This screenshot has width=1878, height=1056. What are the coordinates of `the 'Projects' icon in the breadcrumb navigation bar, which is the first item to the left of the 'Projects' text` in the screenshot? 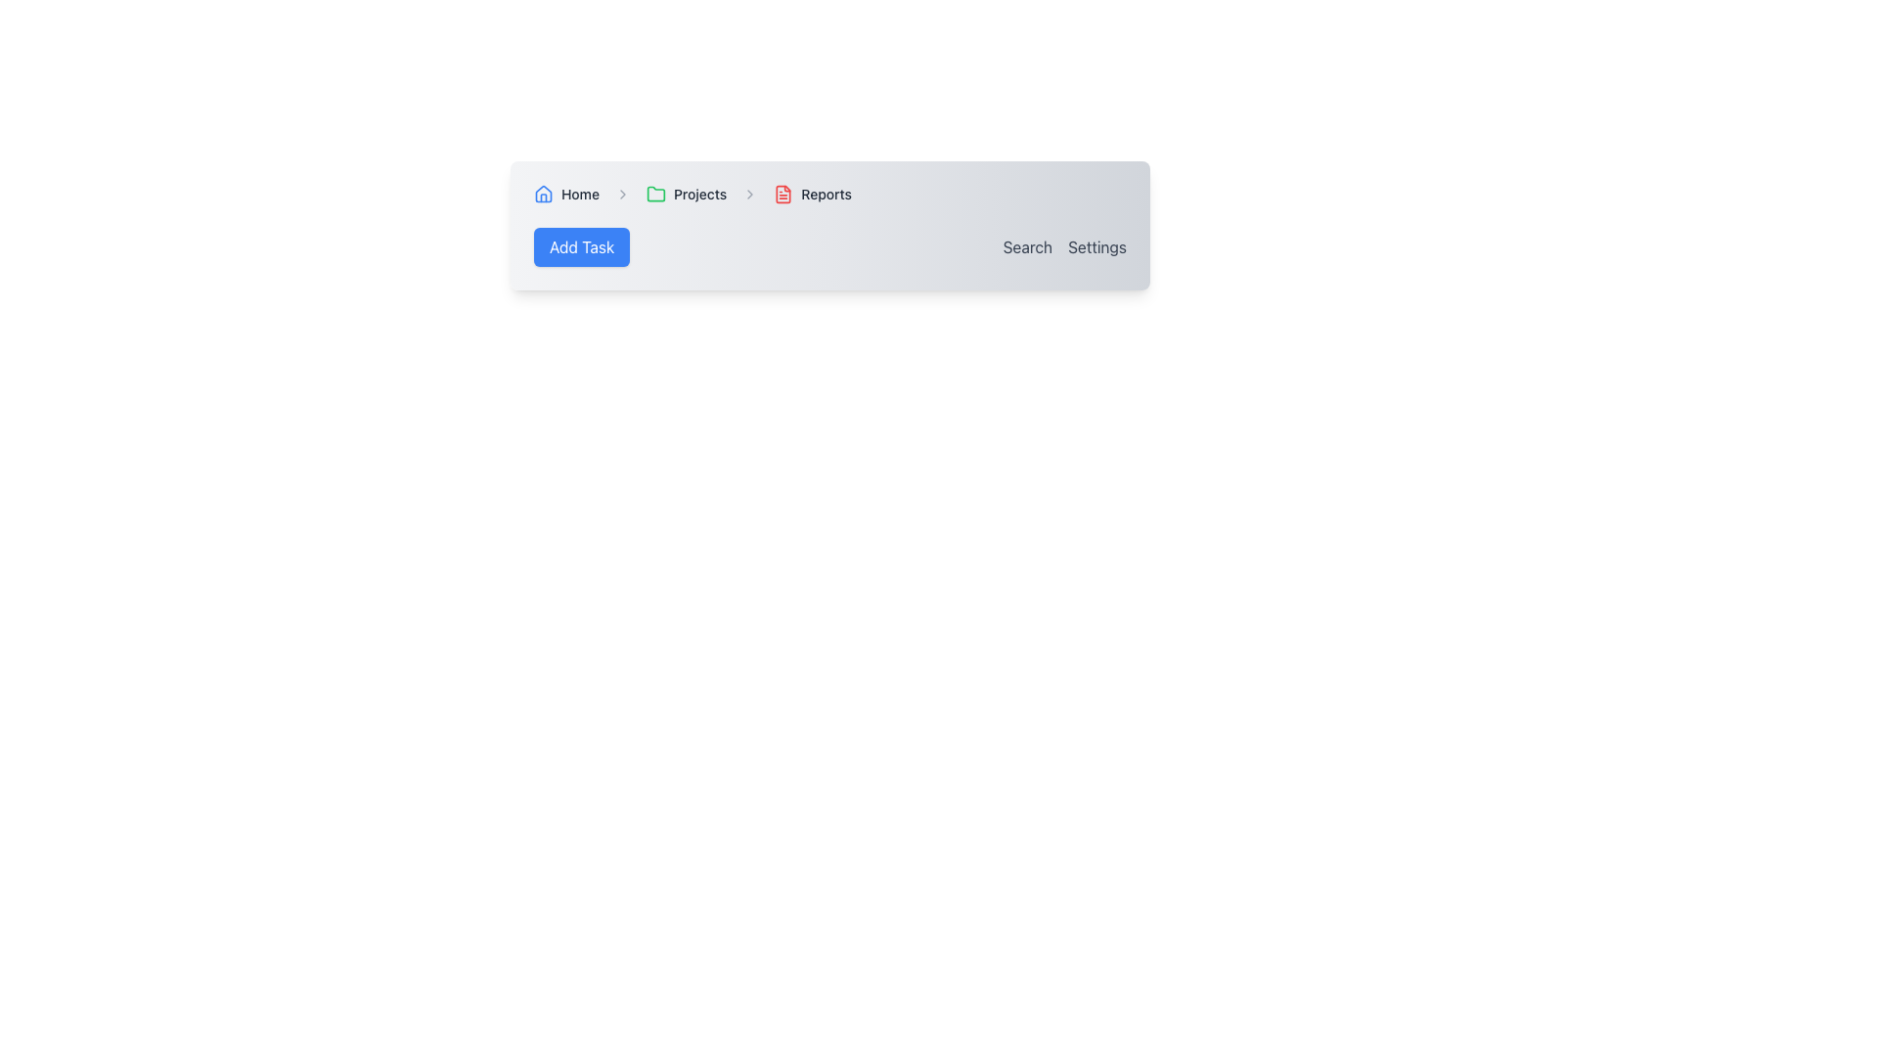 It's located at (656, 195).